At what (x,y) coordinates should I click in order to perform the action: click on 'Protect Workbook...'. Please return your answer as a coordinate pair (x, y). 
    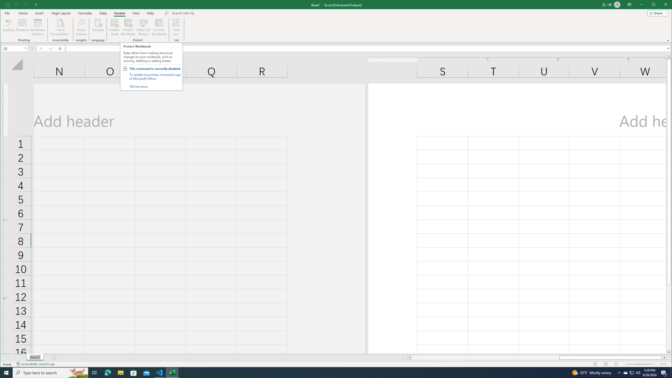
    Looking at the image, I should click on (128, 27).